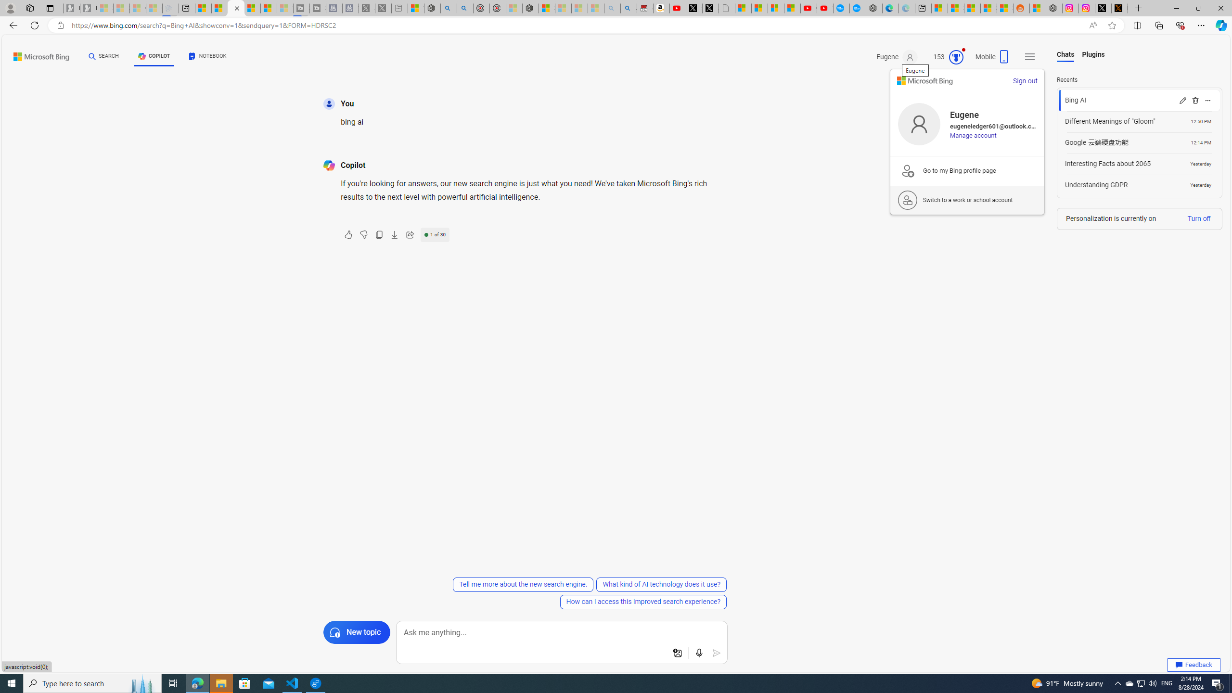 The width and height of the screenshot is (1232, 693). I want to click on 'COPILOT', so click(154, 56).